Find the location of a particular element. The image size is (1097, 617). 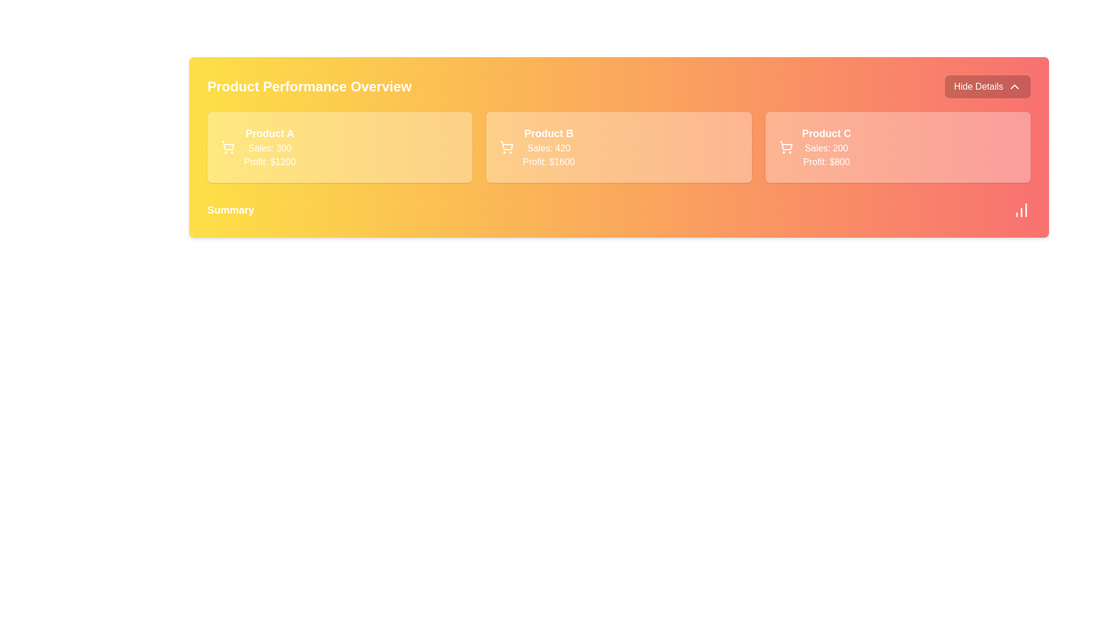

information displayed in the text block that contains 'Product A', 'Sales: 300', and 'Profit: $1200', which is on a soft yellow background and located in the first card of three horizontal cards is located at coordinates (269, 147).